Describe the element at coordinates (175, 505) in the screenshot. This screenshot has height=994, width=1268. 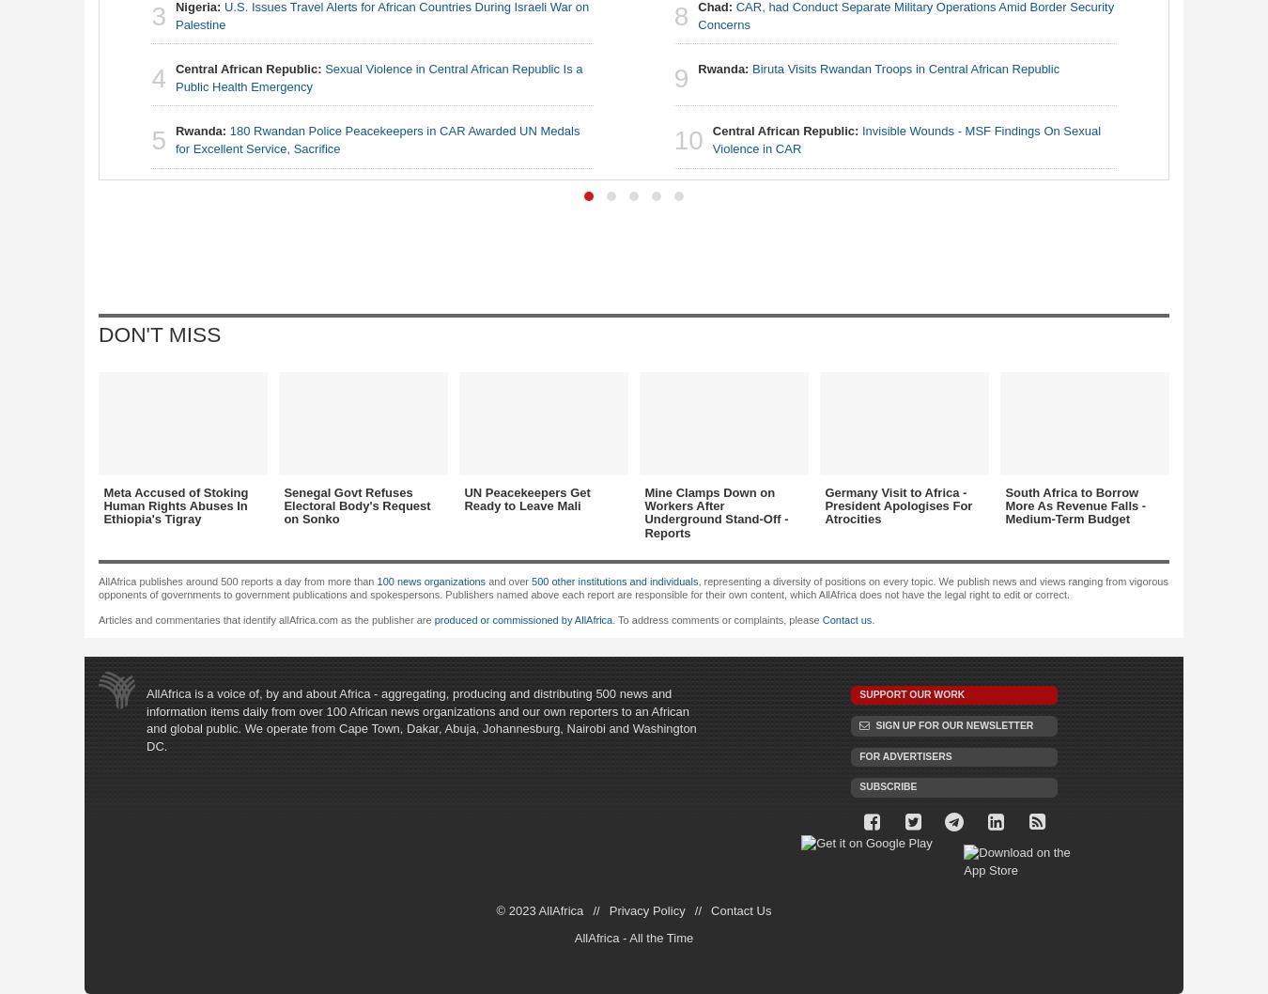
I see `'Meta Accused of Stoking Human Rights Abuses In Ethiopia's Tigray'` at that location.